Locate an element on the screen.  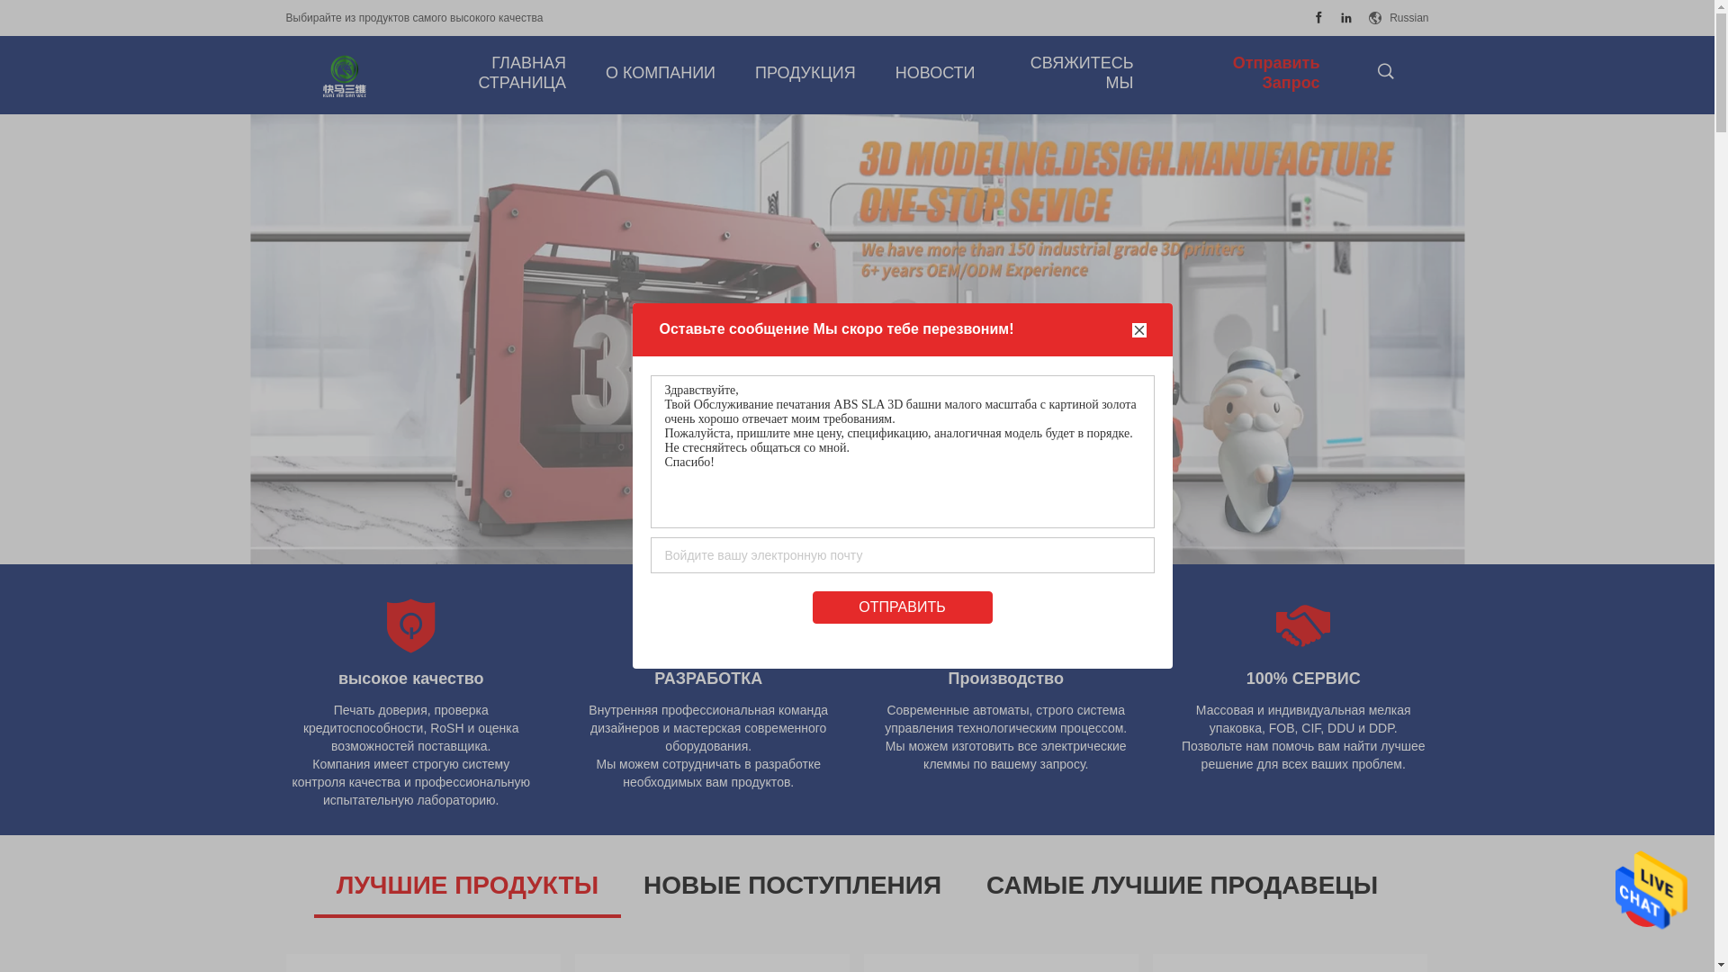
'Guangdong Kuaima Sanwei Technology Co., Ltd. Facebook' is located at coordinates (1318, 17).